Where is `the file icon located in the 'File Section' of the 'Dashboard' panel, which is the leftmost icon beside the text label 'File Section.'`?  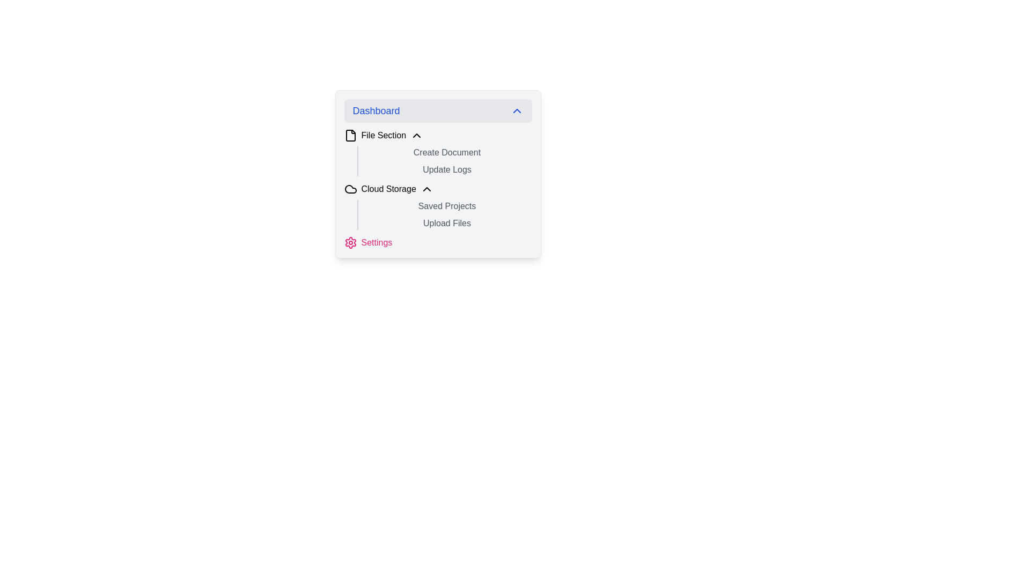 the file icon located in the 'File Section' of the 'Dashboard' panel, which is the leftmost icon beside the text label 'File Section.' is located at coordinates (350, 135).